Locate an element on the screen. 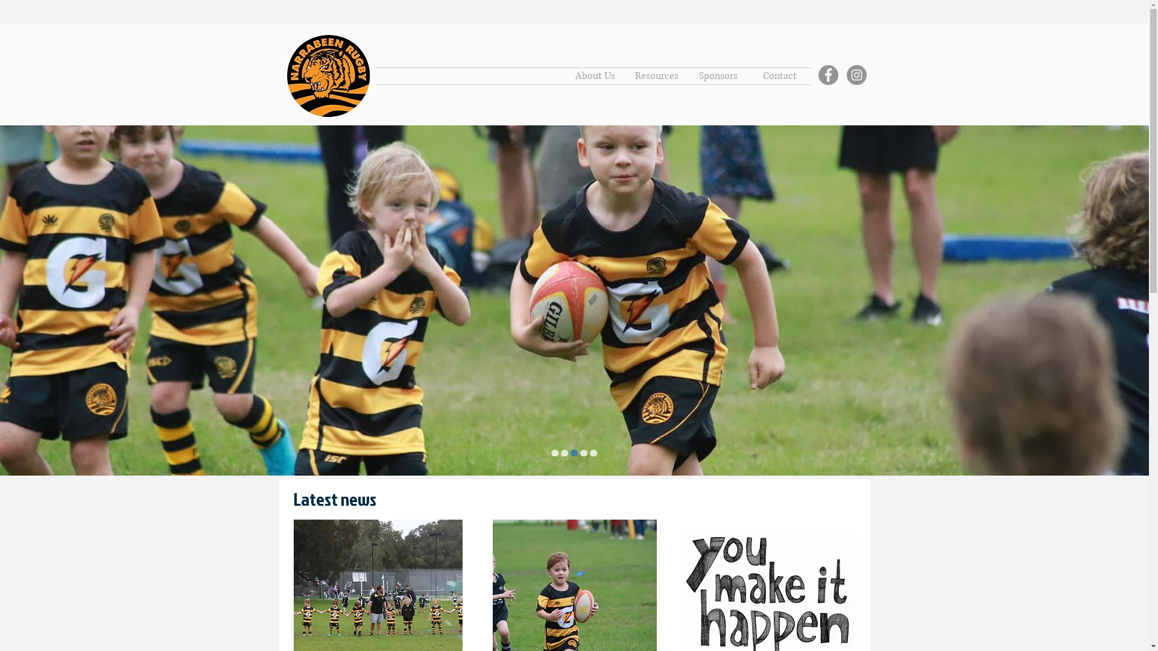 The width and height of the screenshot is (1158, 651). 'Sponsors' is located at coordinates (718, 76).